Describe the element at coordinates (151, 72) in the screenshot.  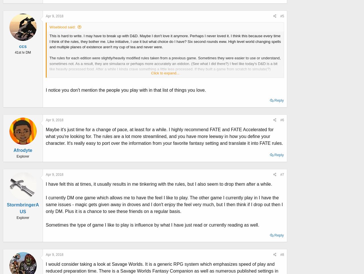
I see `'Click to expand...'` at that location.